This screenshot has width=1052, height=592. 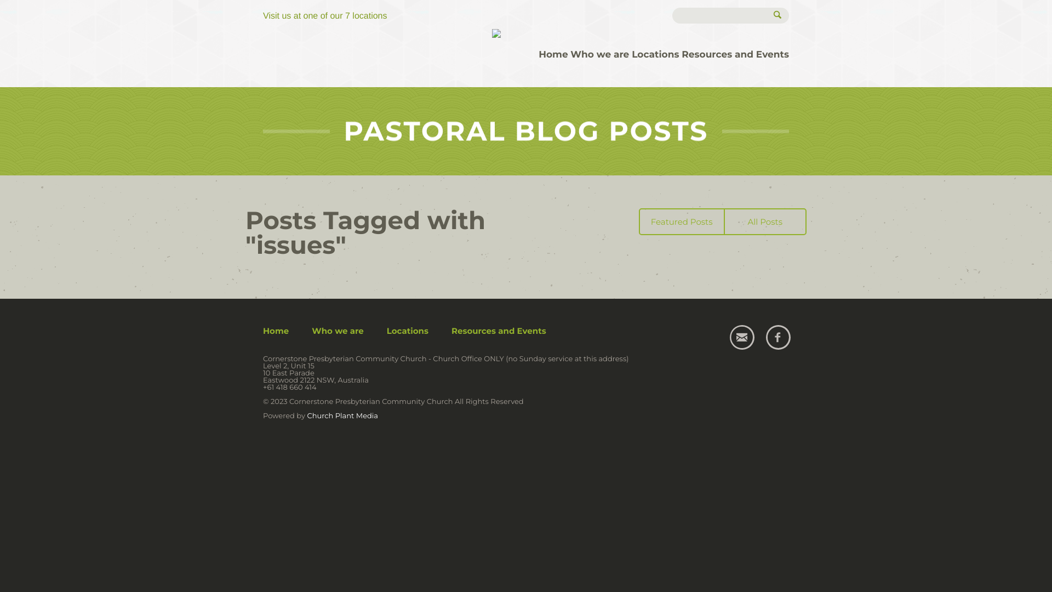 What do you see at coordinates (655, 55) in the screenshot?
I see `'Locations'` at bounding box center [655, 55].